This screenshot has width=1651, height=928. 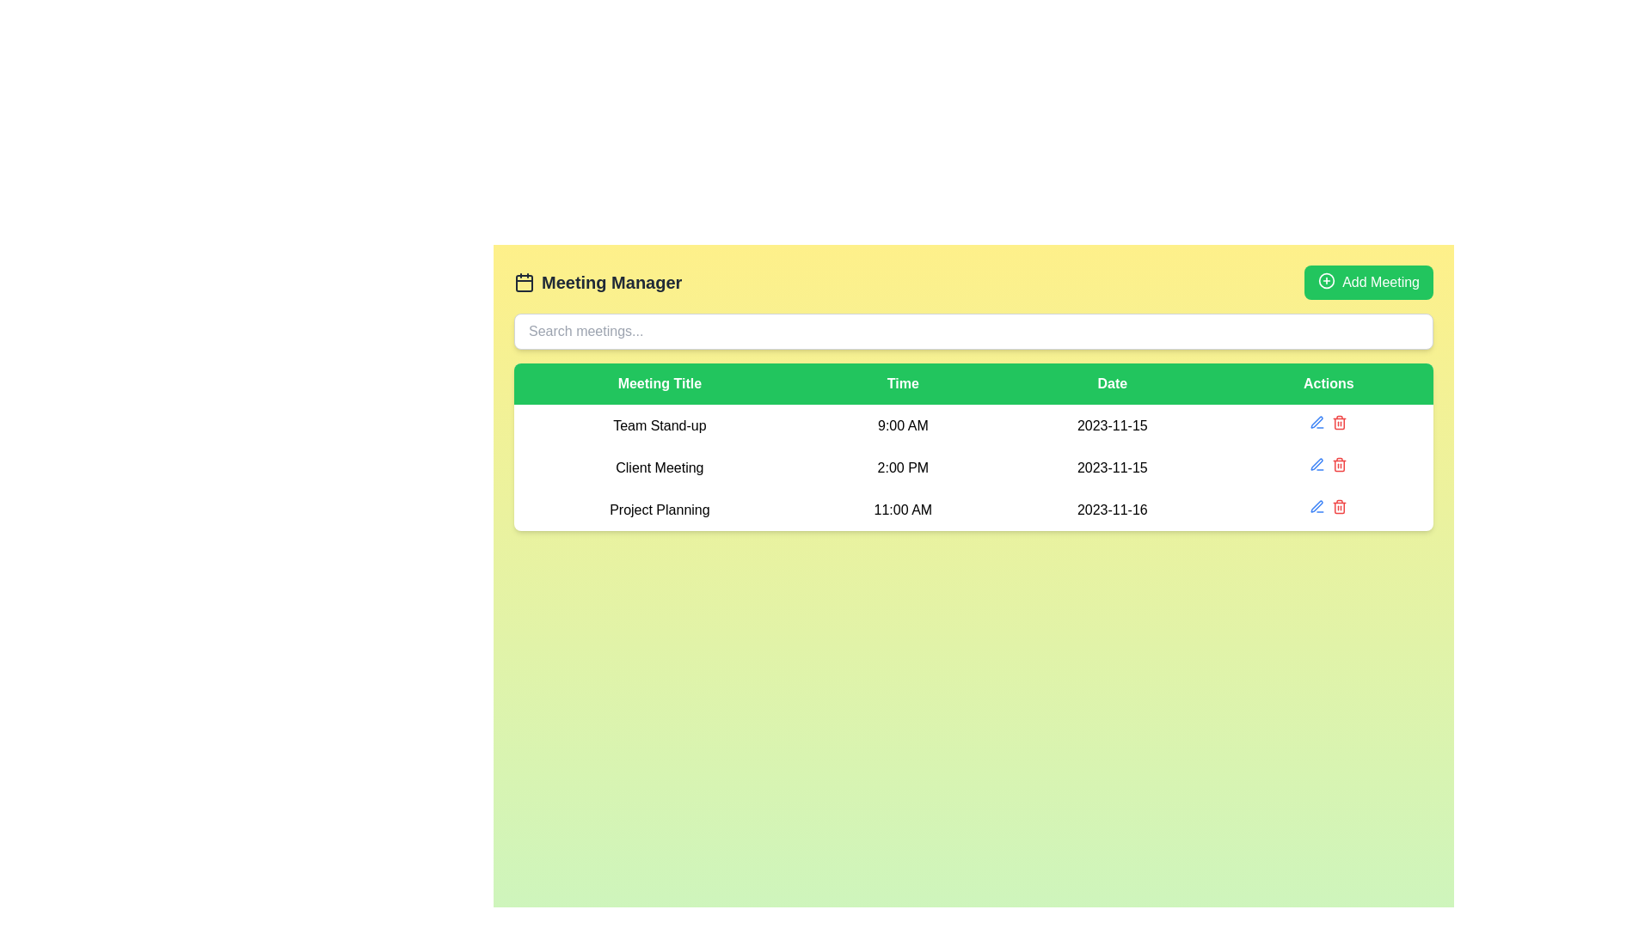 I want to click on the 'Team Stand-up' text label located in the 'Meeting Title' column of the meeting schedule, so click(x=659, y=425).